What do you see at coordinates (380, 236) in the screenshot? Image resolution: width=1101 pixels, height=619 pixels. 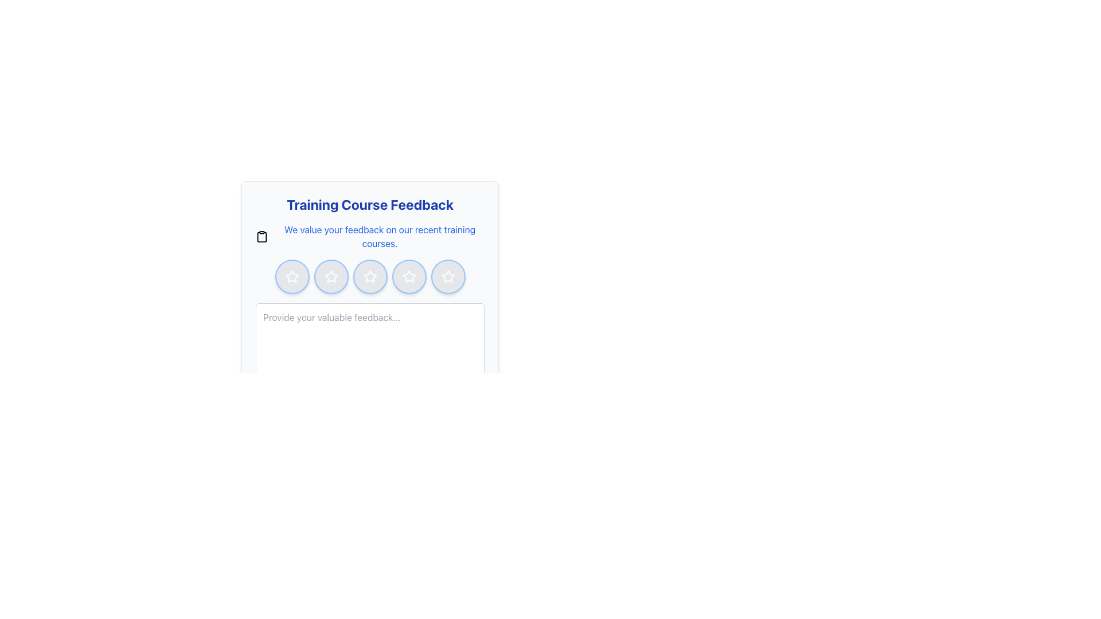 I see `the text block serving as a descriptive message for the feedback section, which is positioned below the heading 'Training Course Feedback' and above a row of five rating stars` at bounding box center [380, 236].